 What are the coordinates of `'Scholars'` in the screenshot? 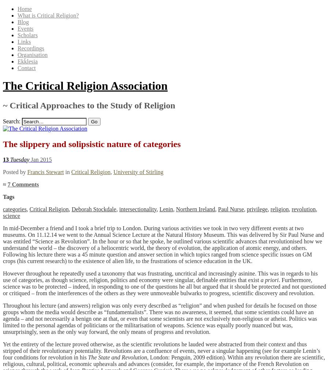 It's located at (27, 35).